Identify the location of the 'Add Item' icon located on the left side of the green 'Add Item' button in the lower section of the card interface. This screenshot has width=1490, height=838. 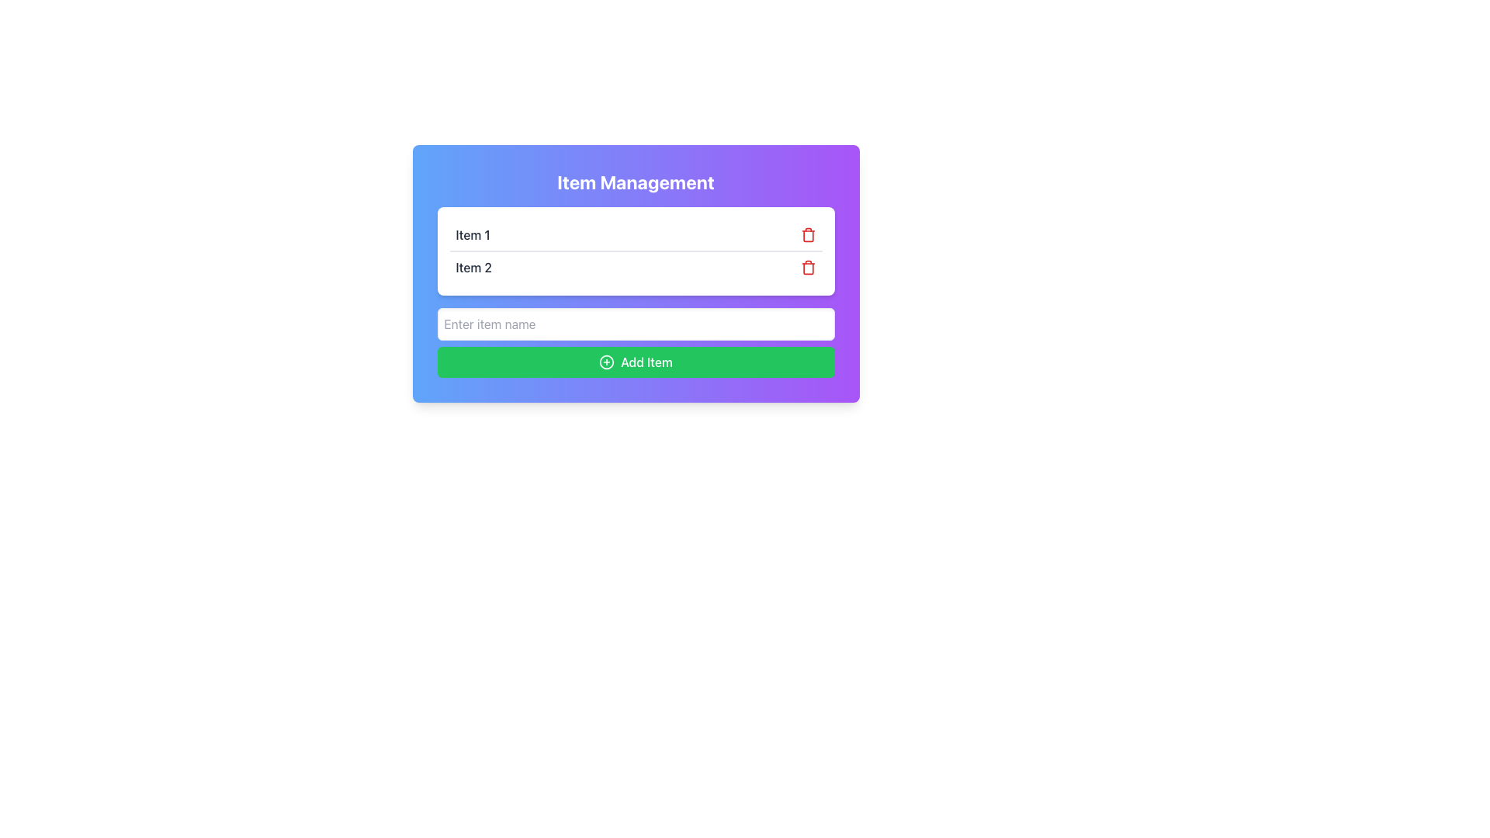
(606, 362).